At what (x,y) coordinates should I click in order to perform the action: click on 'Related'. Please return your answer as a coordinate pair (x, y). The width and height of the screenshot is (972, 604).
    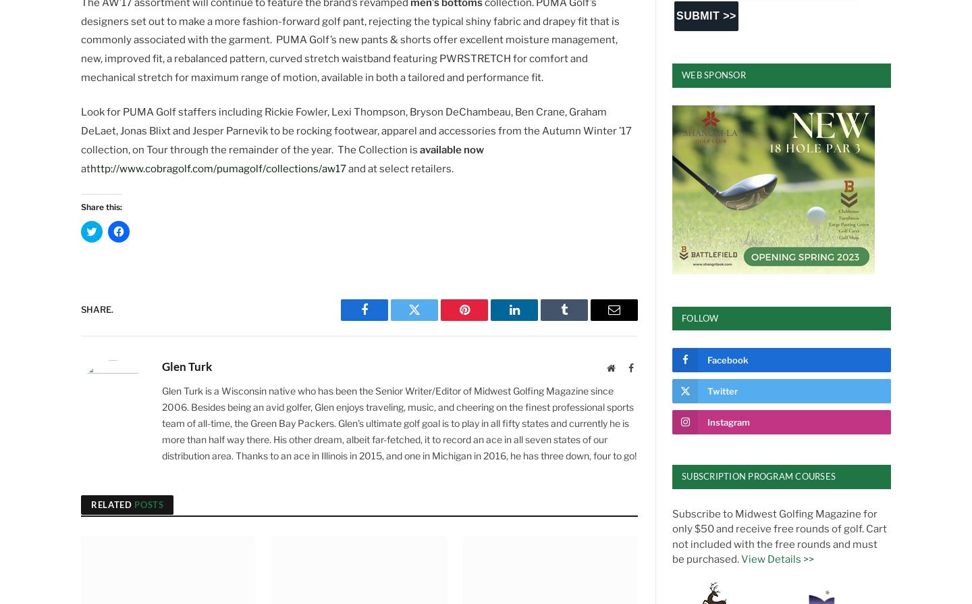
    Looking at the image, I should click on (112, 504).